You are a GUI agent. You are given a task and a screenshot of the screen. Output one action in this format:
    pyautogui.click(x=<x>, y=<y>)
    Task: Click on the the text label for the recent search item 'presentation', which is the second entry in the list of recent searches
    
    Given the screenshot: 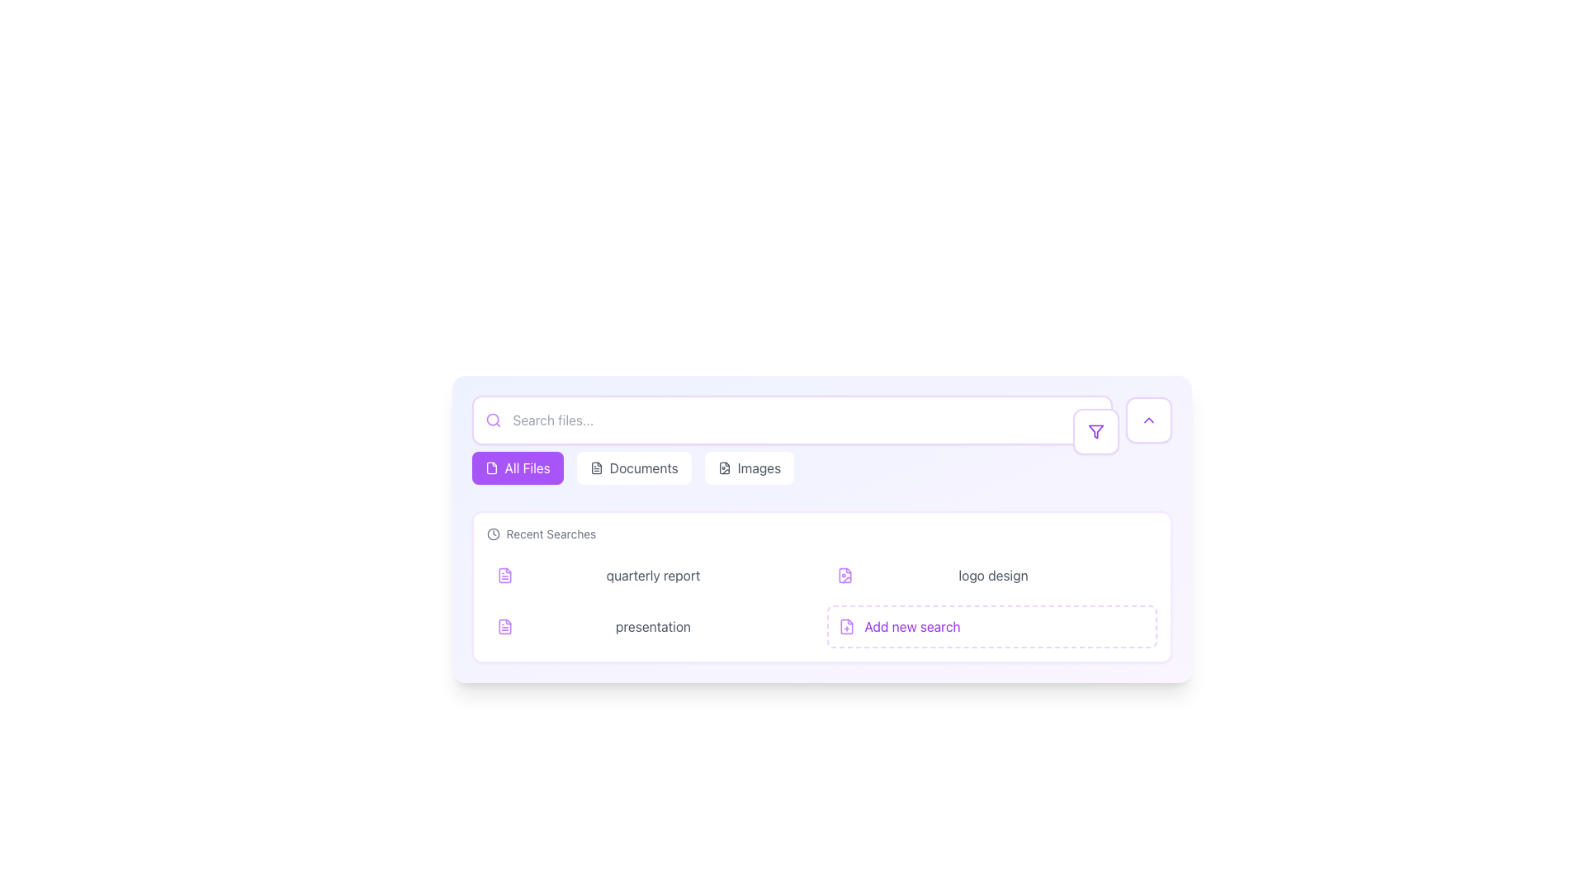 What is the action you would take?
    pyautogui.click(x=652, y=627)
    